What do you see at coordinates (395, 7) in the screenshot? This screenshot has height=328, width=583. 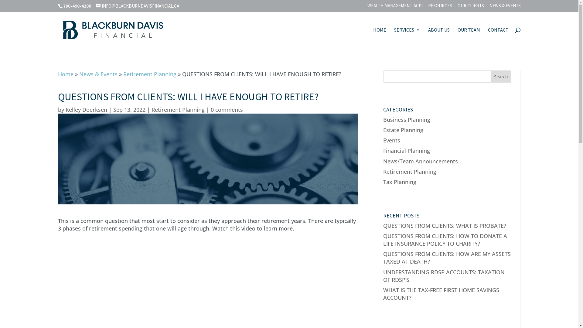 I see `'WEALTH MANAGEMENT-ACPI'` at bounding box center [395, 7].